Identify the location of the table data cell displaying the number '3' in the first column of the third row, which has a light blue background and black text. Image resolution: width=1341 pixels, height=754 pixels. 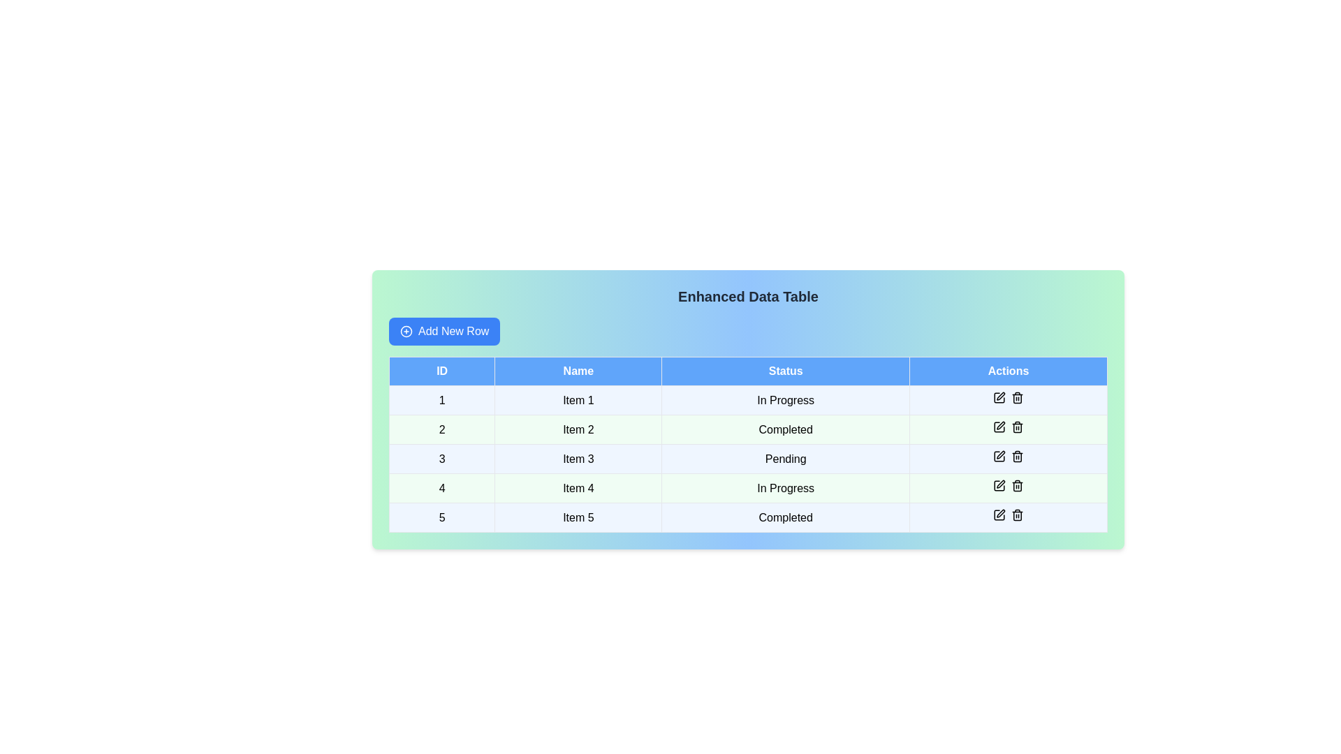
(441, 459).